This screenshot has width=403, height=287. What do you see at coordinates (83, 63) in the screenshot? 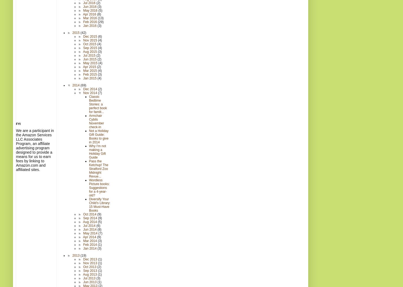
I see `'May 2015'` at bounding box center [83, 63].